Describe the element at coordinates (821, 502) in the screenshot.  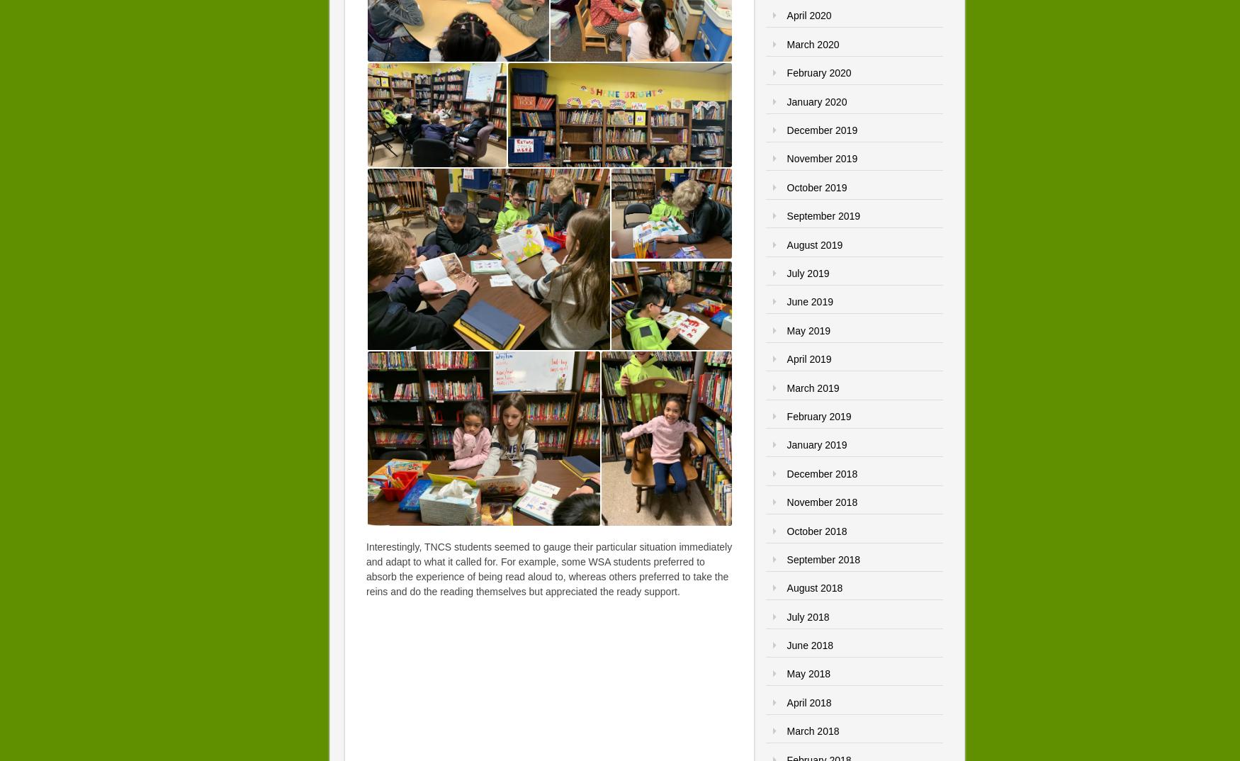
I see `'November 2018'` at that location.